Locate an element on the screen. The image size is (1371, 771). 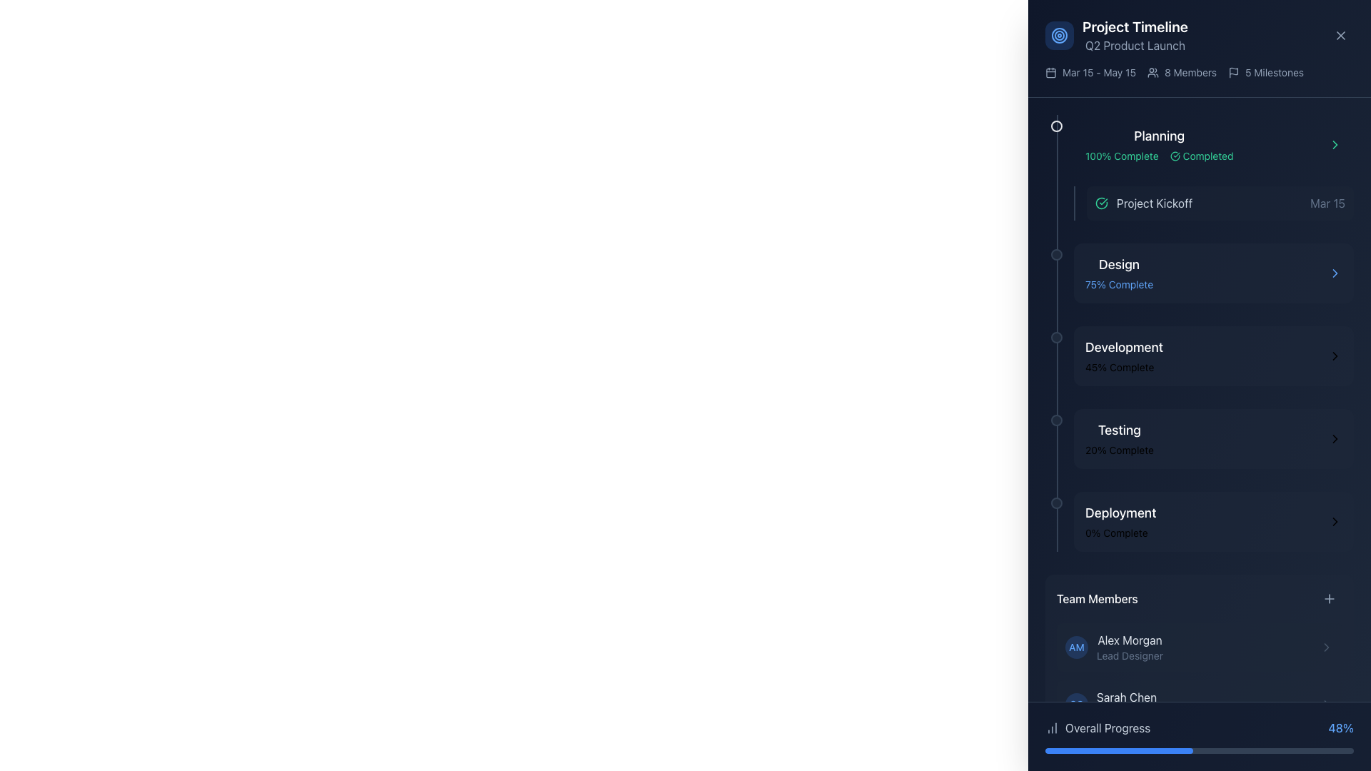
the small dark grey circle with a lighter border located at the top left corner of the 'Development 45% Complete' section in the timeline is located at coordinates (1056, 338).